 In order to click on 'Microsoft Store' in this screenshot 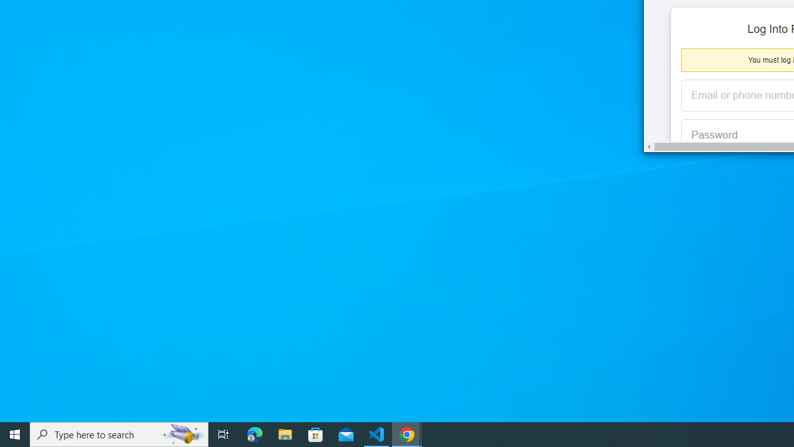, I will do `click(316, 433)`.